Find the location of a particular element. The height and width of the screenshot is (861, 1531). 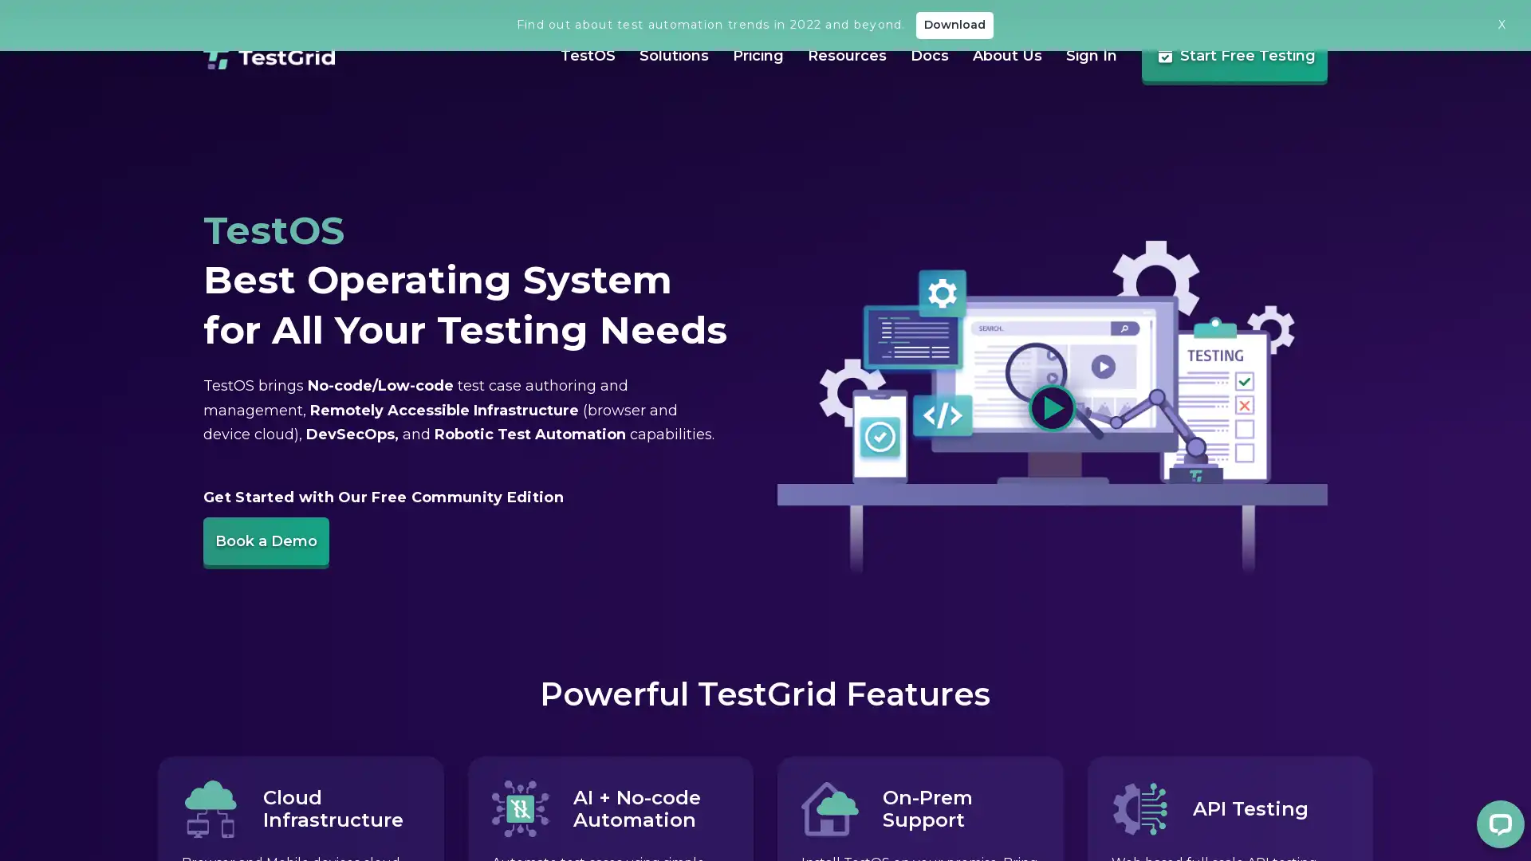

Docs is located at coordinates (913, 101).